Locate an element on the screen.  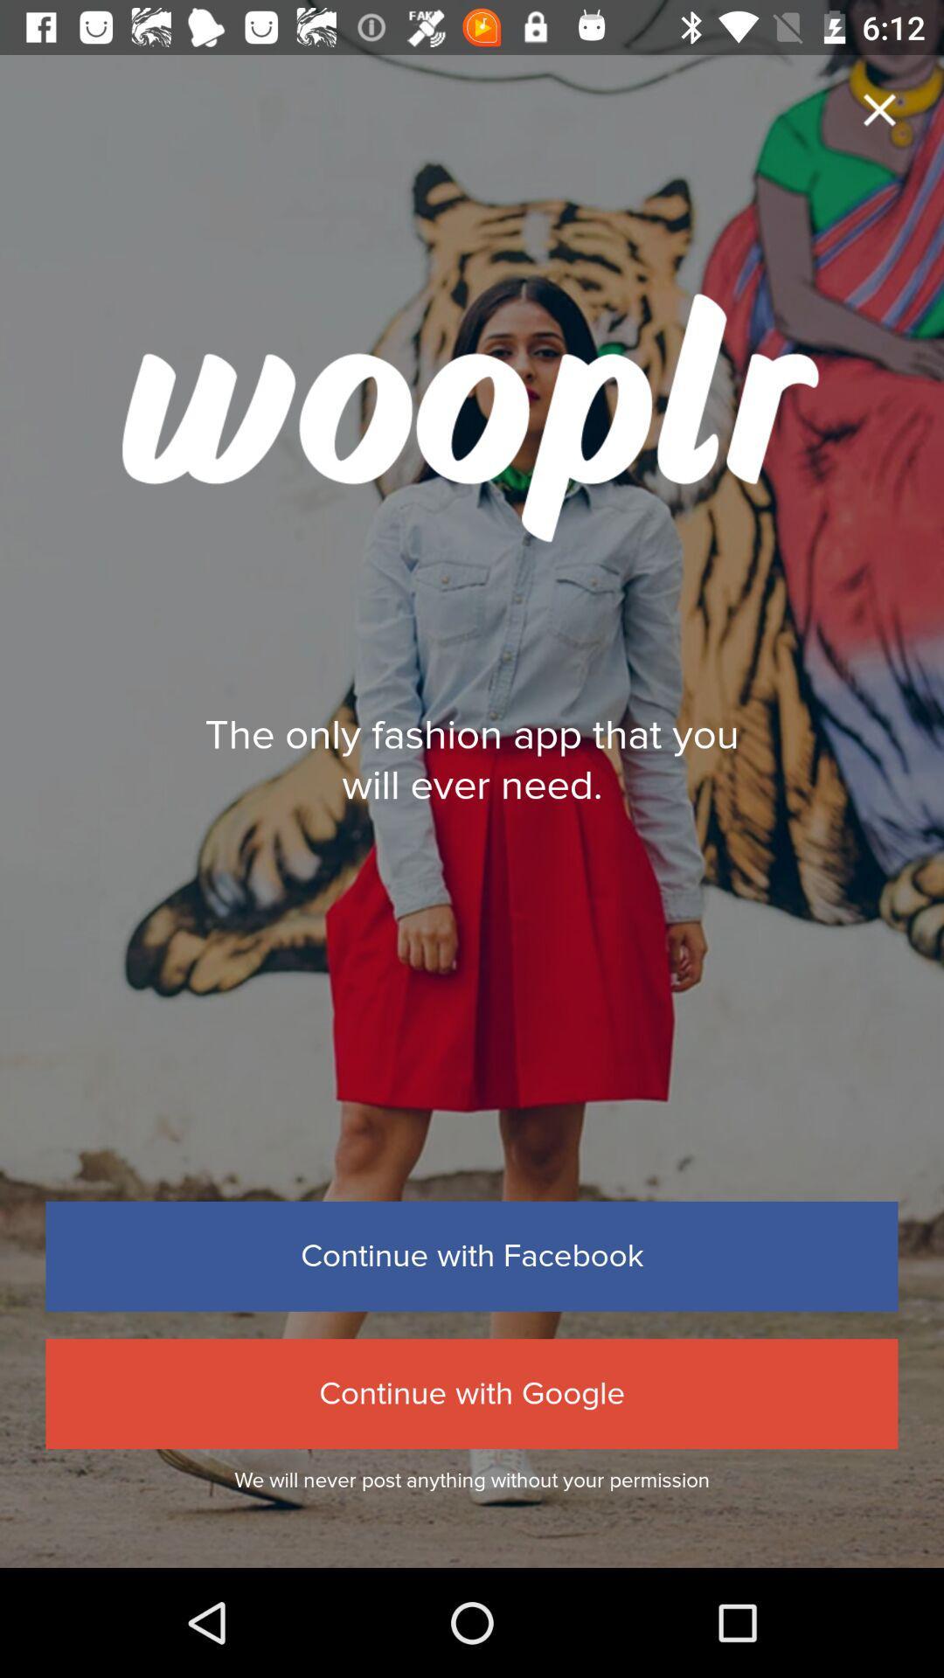
app is located at coordinates (879, 108).